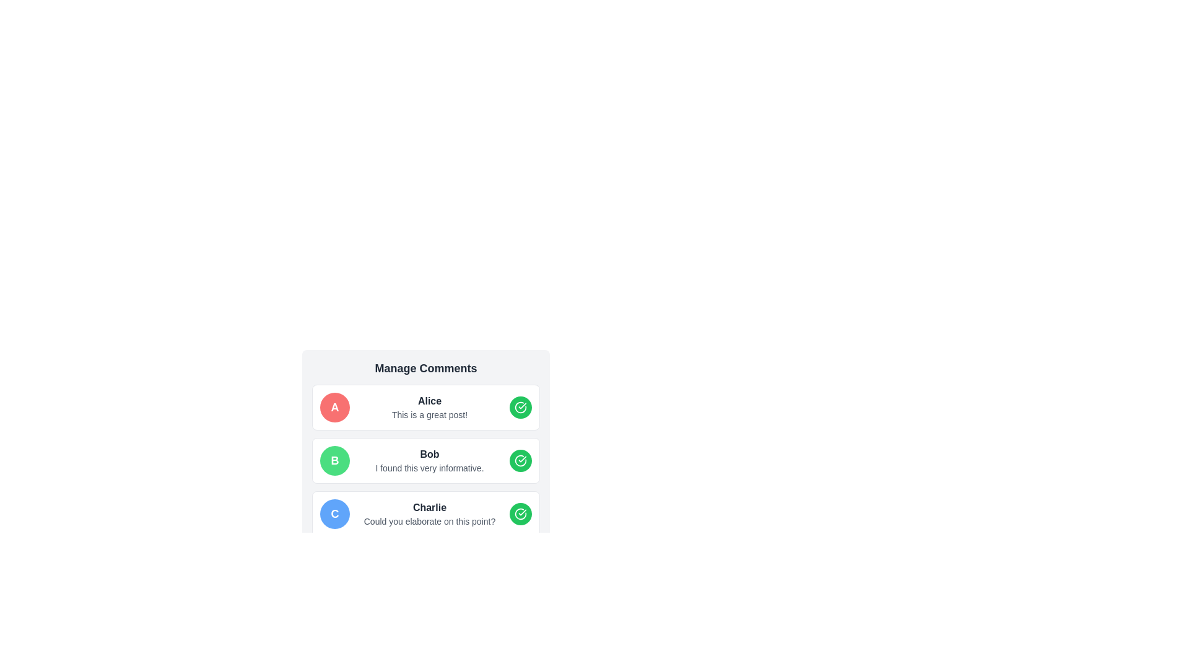 Image resolution: width=1189 pixels, height=669 pixels. What do you see at coordinates (520, 461) in the screenshot?
I see `the circular icon with a green background and a white check mark inside, located in the second comment row for user 'Bob', to approve or confirm` at bounding box center [520, 461].